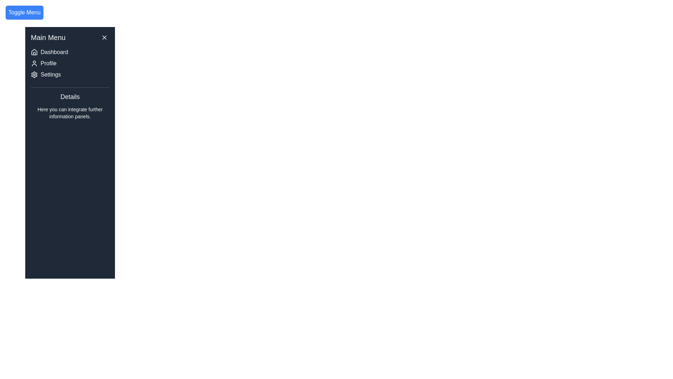 The width and height of the screenshot is (673, 379). Describe the element at coordinates (70, 112) in the screenshot. I see `the static text block element that reads 'Here you can integrate further information panels.' positioned under the 'Details' title in the sidebar interface` at that location.